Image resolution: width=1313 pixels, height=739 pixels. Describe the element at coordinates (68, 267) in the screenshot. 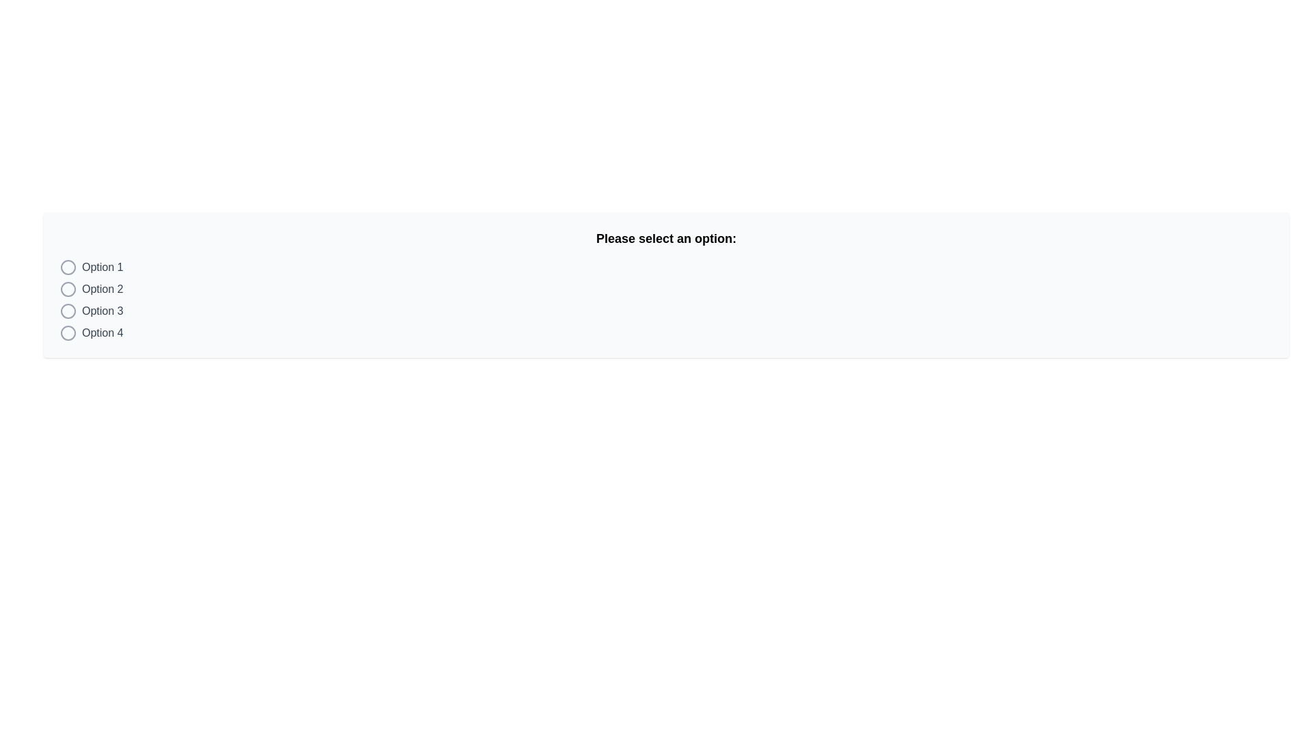

I see `the radio button for 'Option 1'` at that location.